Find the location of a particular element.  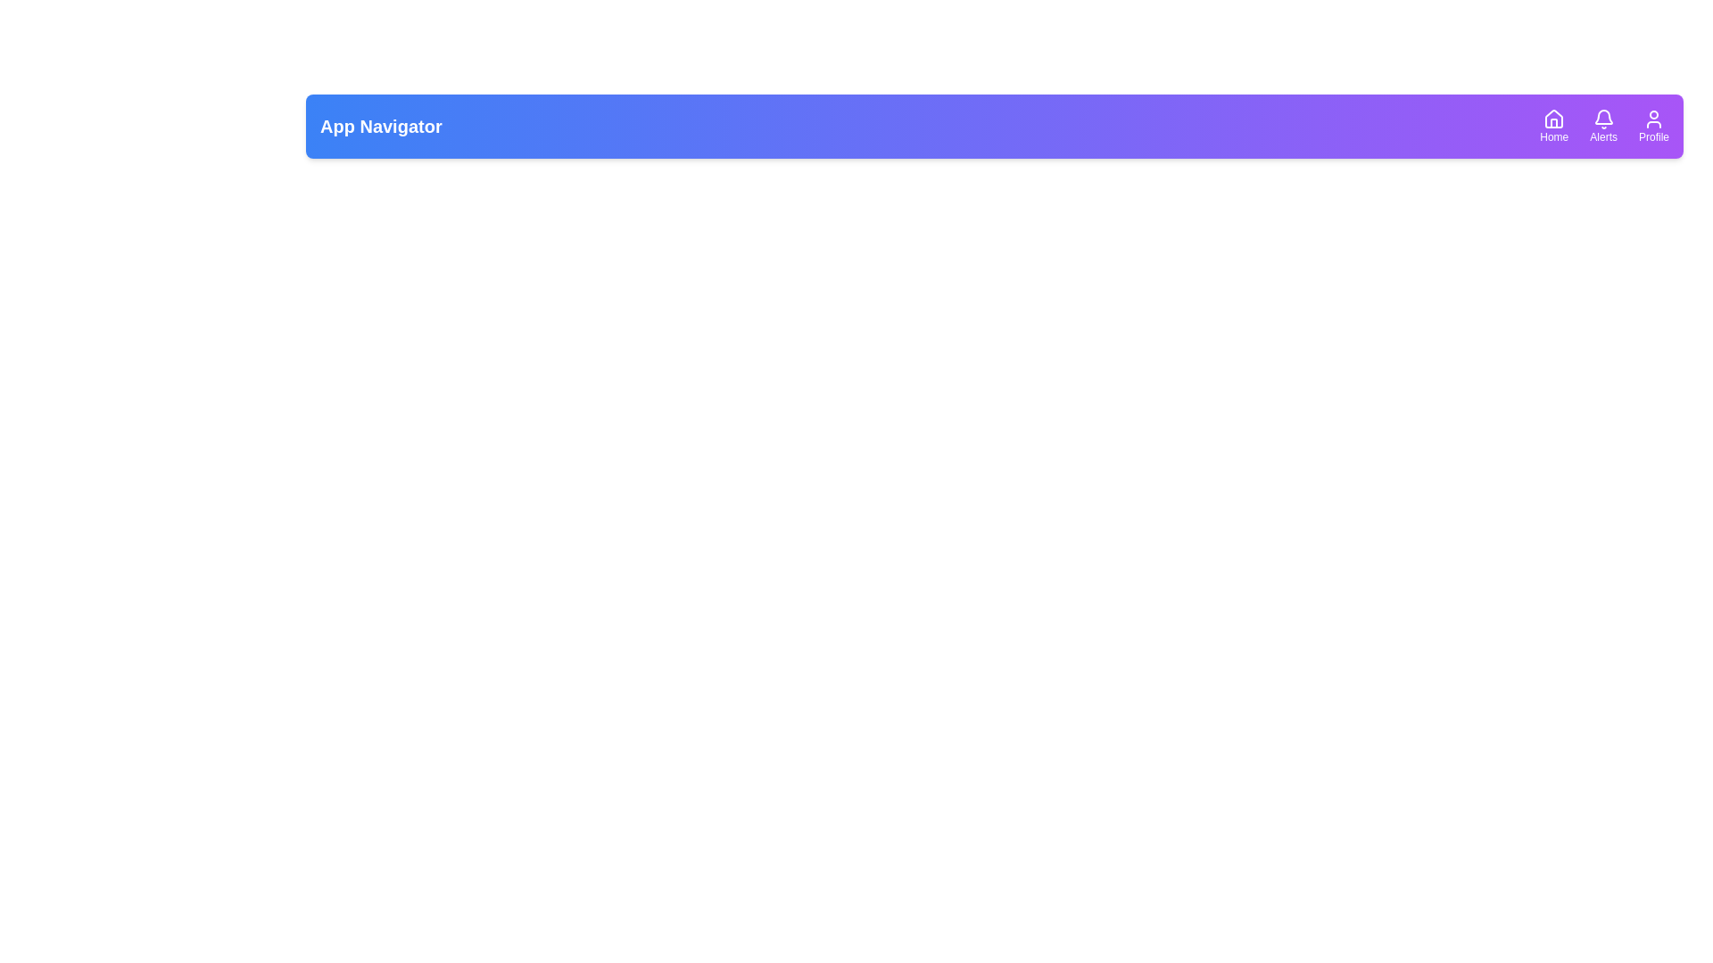

the navigation button that allows users is located at coordinates (1603, 126).